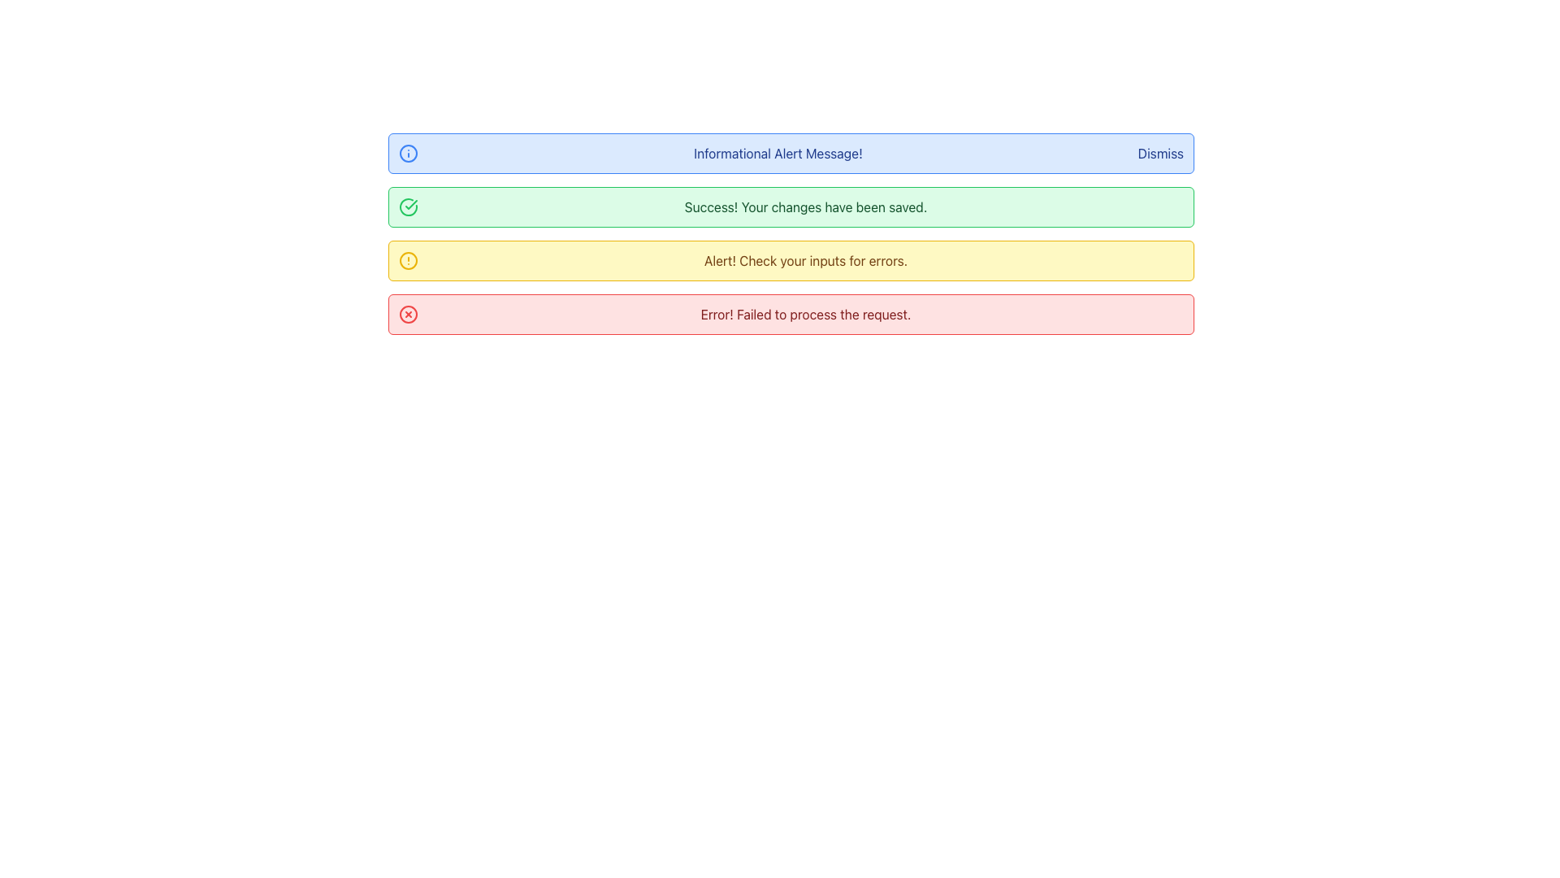 The width and height of the screenshot is (1560, 878). I want to click on circular outline of the success notification icon within the green notification bar, which is the second in a vertical stack of four notification bars, so click(409, 206).